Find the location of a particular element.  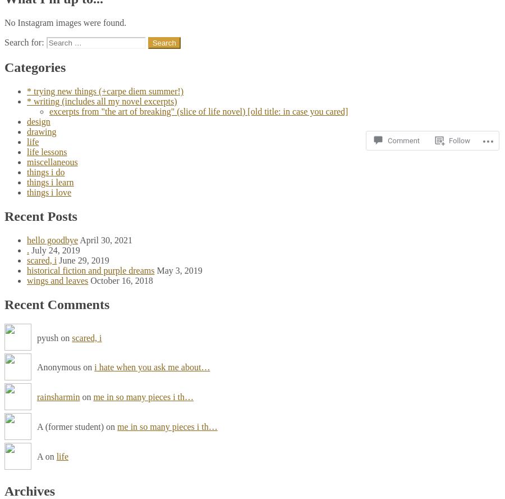

'* trying new things (+carpe diem summer!)' is located at coordinates (105, 91).